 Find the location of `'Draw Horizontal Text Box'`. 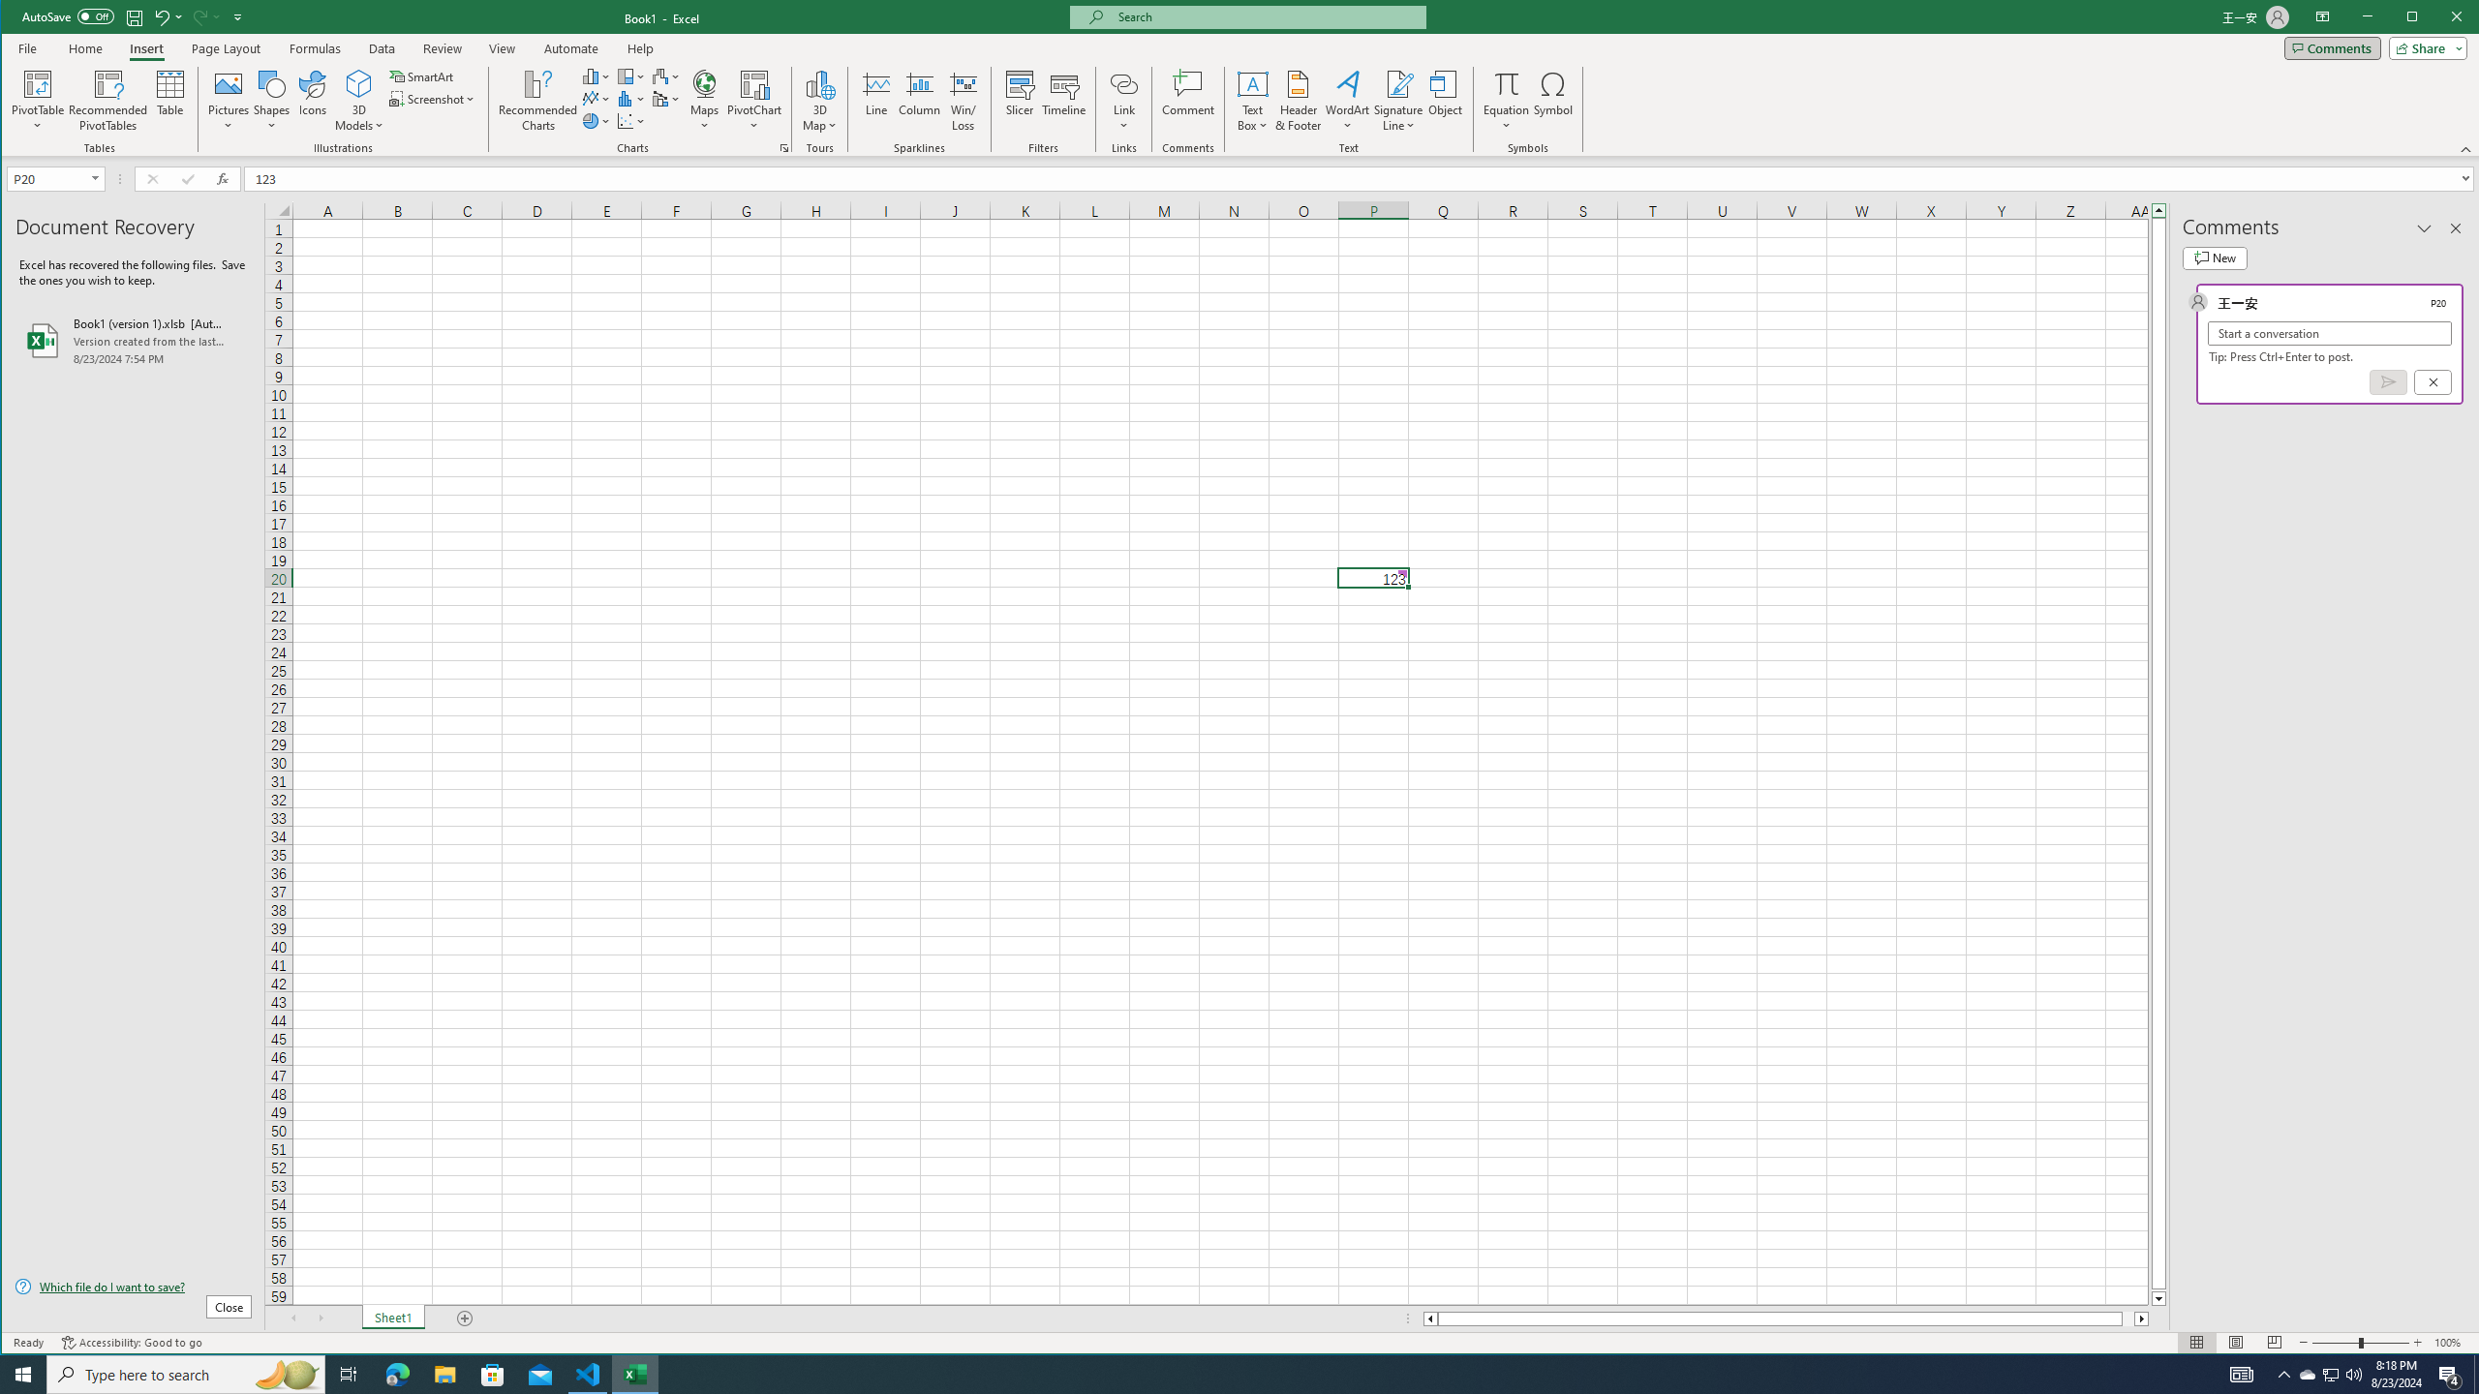

'Draw Horizontal Text Box' is located at coordinates (1252, 82).